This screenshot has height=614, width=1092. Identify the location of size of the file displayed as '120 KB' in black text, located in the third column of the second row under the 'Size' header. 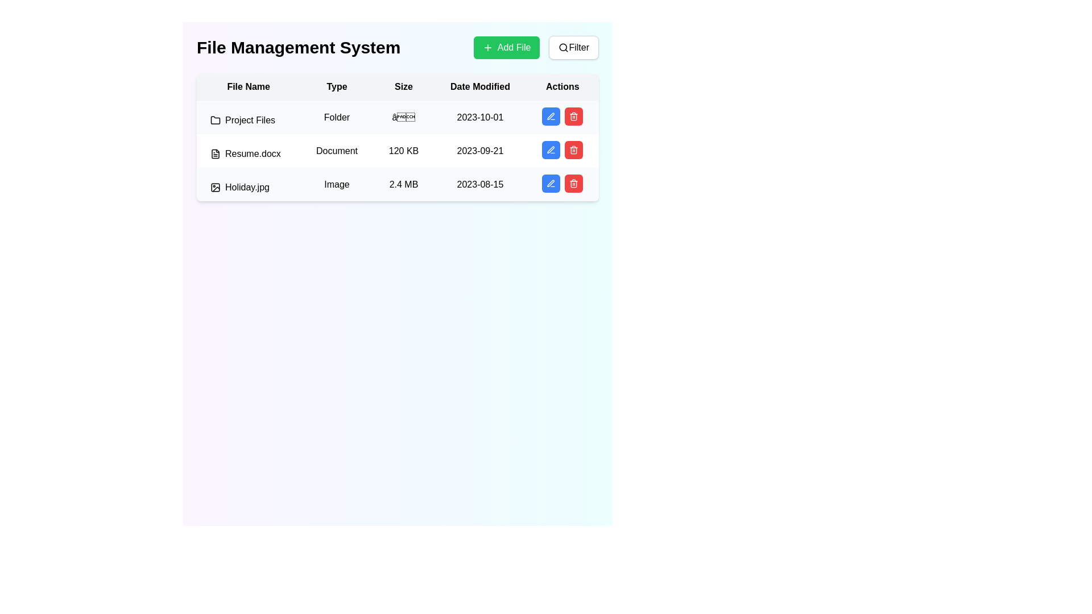
(404, 150).